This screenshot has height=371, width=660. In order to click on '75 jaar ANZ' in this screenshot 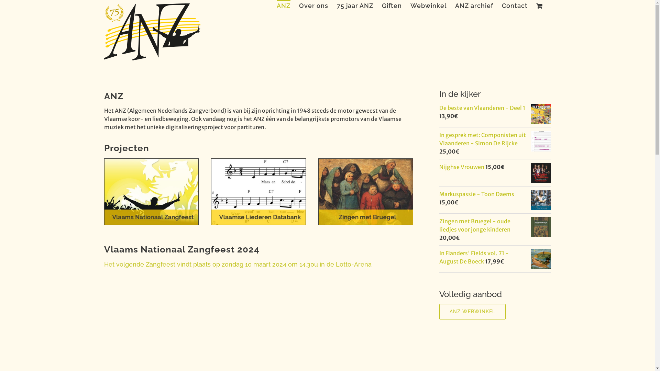, I will do `click(355, 5)`.